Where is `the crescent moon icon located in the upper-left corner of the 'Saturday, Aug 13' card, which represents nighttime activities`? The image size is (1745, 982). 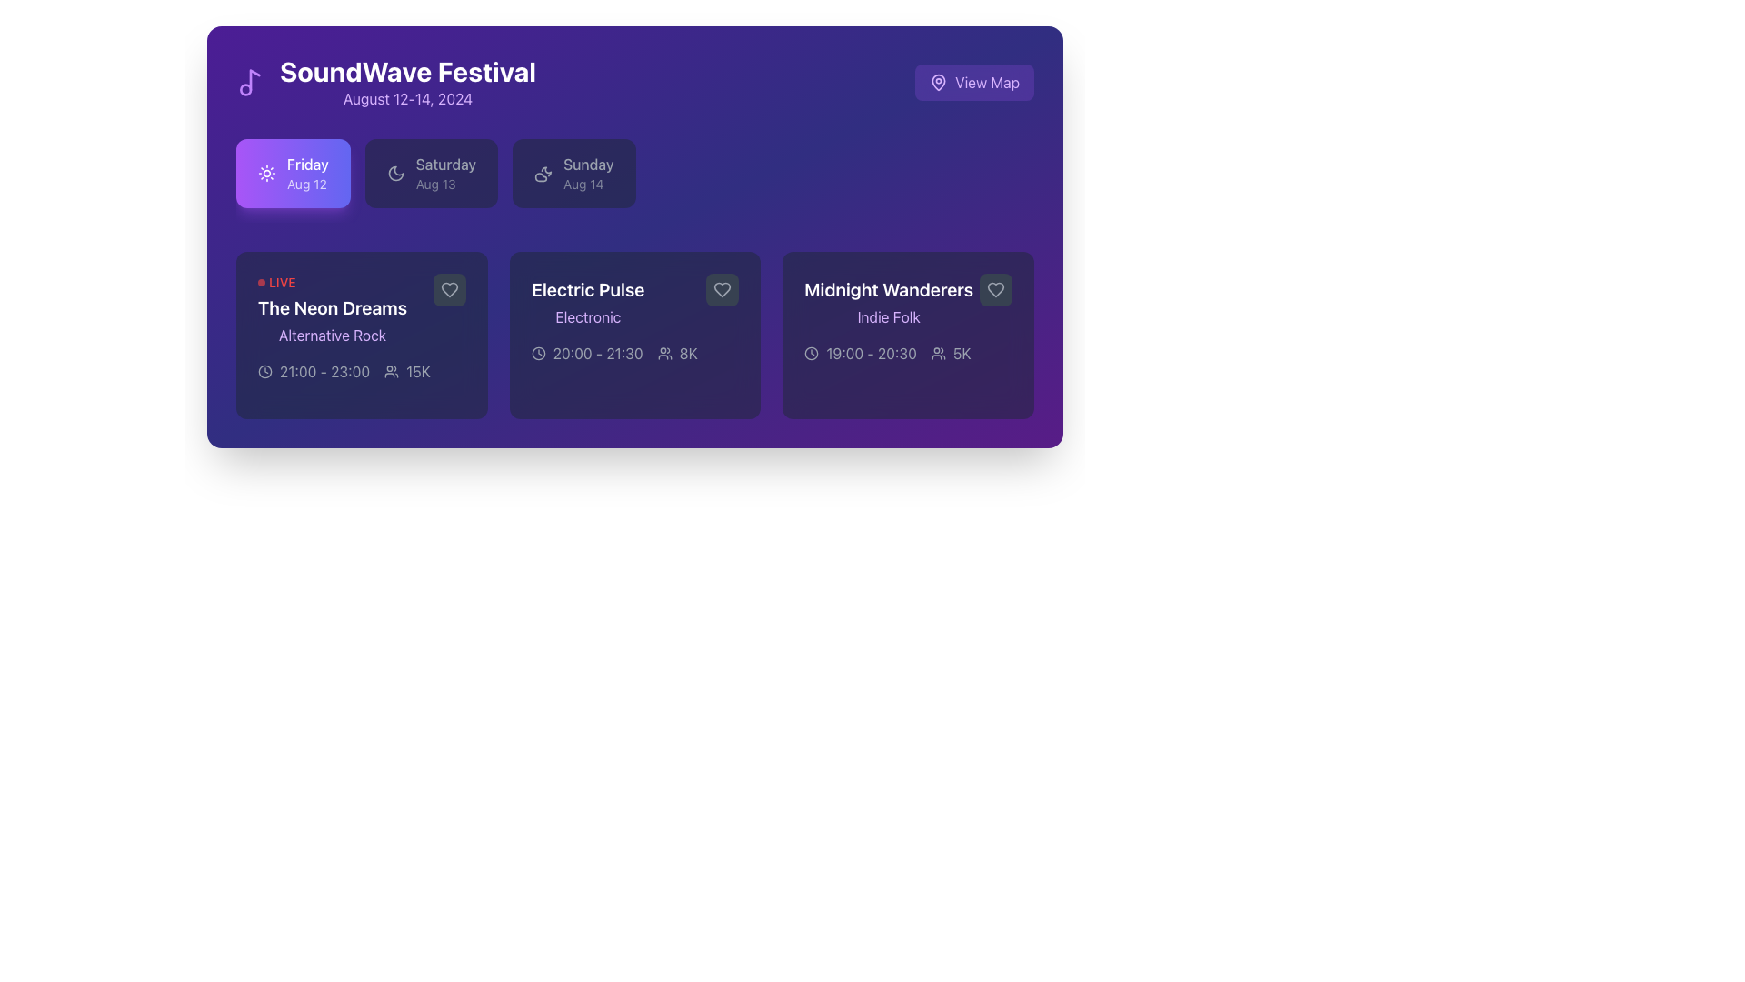 the crescent moon icon located in the upper-left corner of the 'Saturday, Aug 13' card, which represents nighttime activities is located at coordinates (394, 174).